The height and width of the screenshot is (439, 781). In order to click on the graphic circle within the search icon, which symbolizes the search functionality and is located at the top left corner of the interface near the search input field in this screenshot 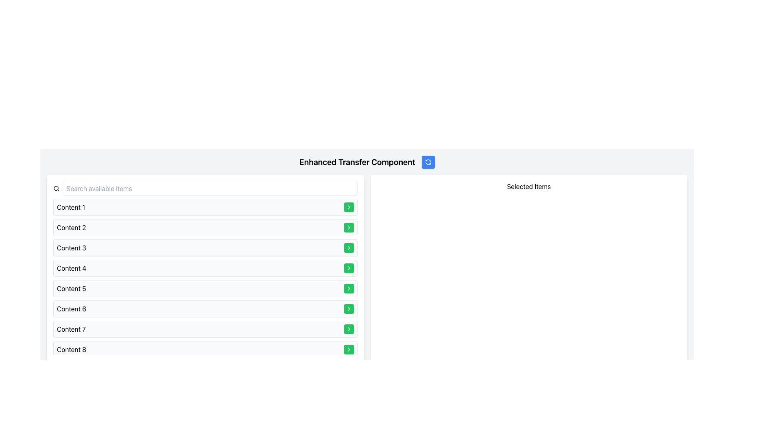, I will do `click(56, 188)`.